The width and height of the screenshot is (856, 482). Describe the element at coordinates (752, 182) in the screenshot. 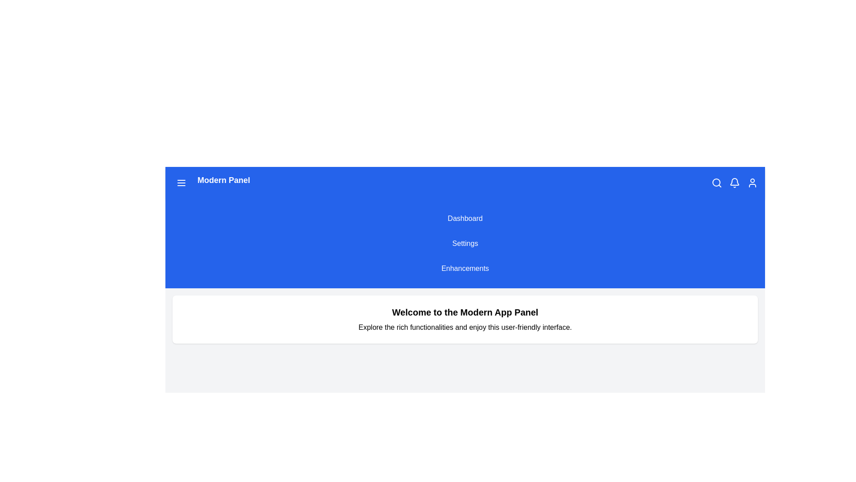

I see `the user icon to access user-related settings` at that location.